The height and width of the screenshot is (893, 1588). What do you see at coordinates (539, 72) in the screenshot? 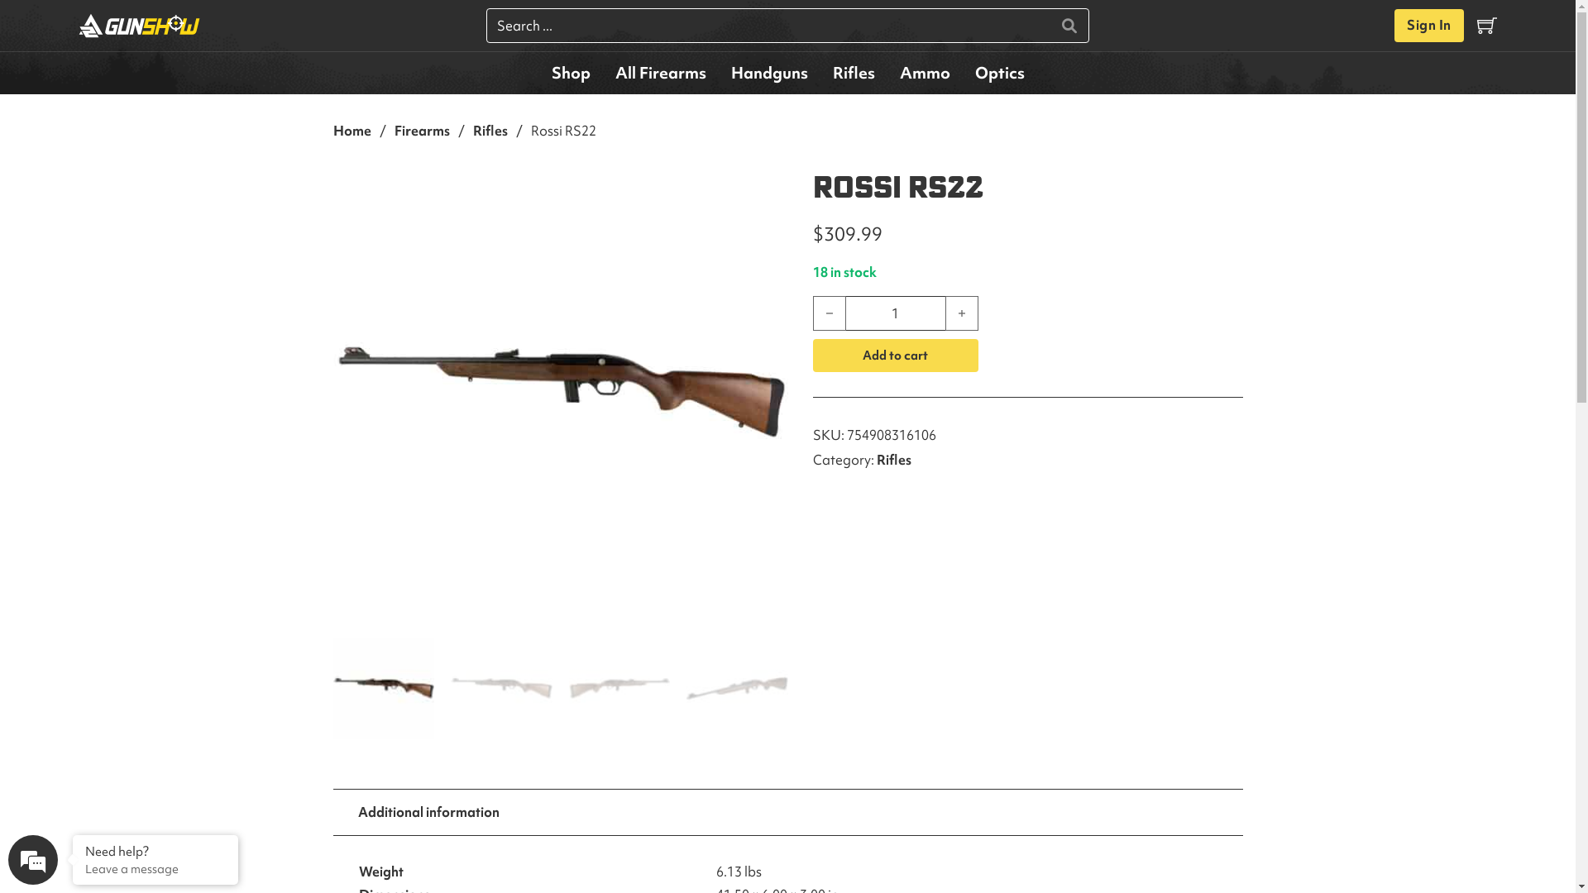
I see `'Shop'` at bounding box center [539, 72].